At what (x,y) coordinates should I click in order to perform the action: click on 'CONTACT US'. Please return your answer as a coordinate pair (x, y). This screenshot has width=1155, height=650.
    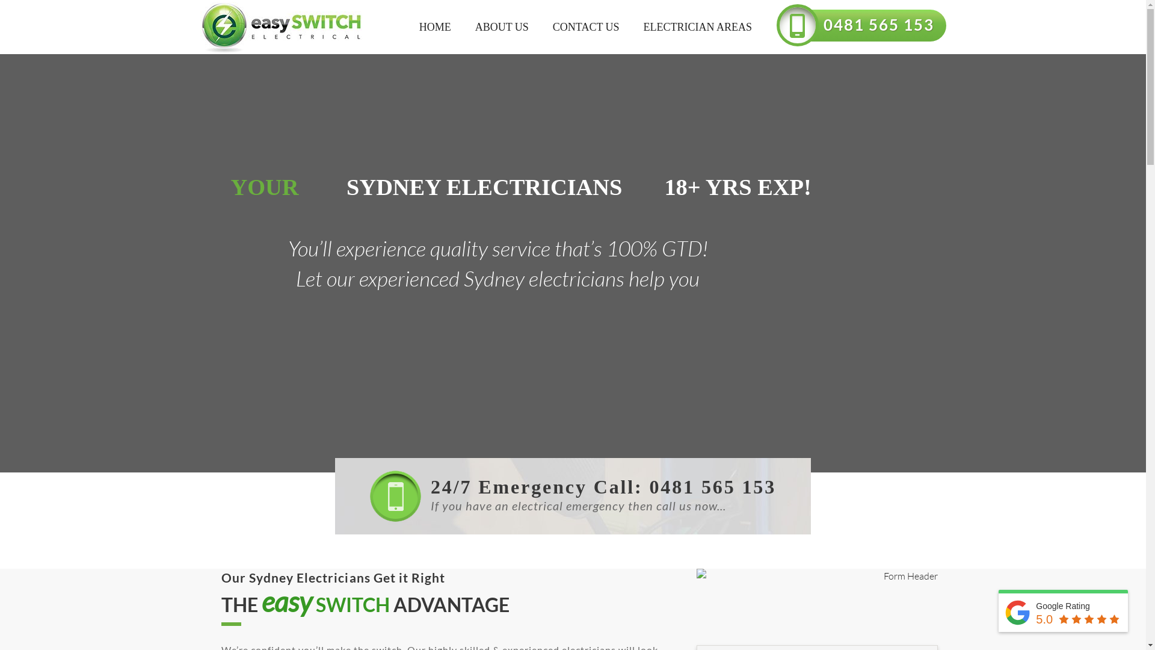
    Looking at the image, I should click on (586, 27).